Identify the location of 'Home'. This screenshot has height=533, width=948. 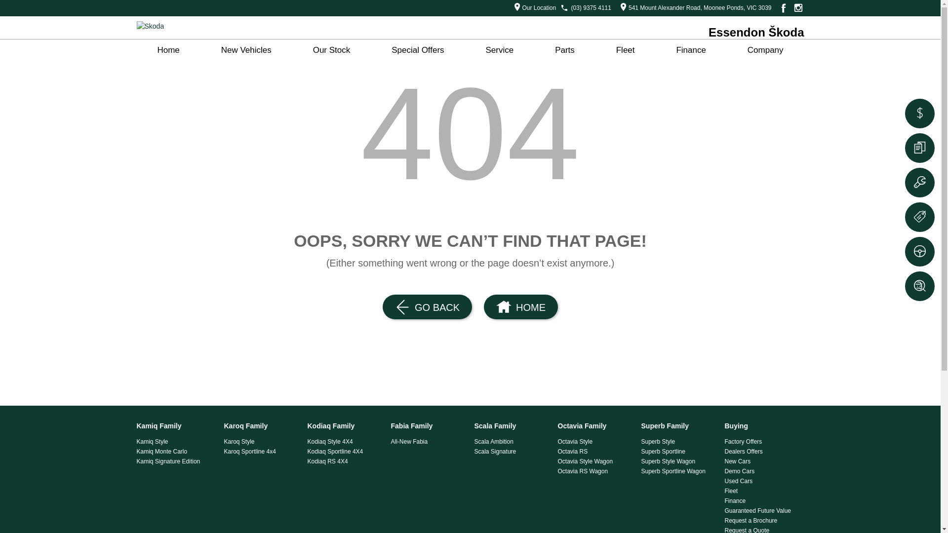
(168, 50).